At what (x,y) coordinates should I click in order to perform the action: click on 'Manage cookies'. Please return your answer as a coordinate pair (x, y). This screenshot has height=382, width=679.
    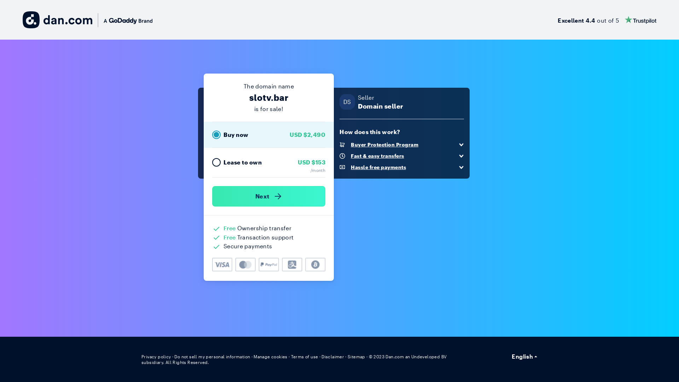
    Looking at the image, I should click on (270, 356).